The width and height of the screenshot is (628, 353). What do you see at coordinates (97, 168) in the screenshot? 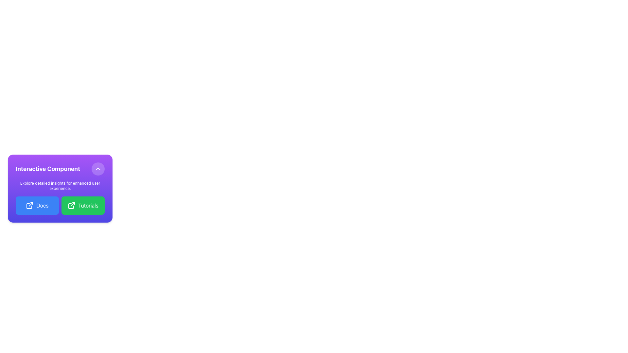
I see `the circular button with a chevron-down icon` at bounding box center [97, 168].